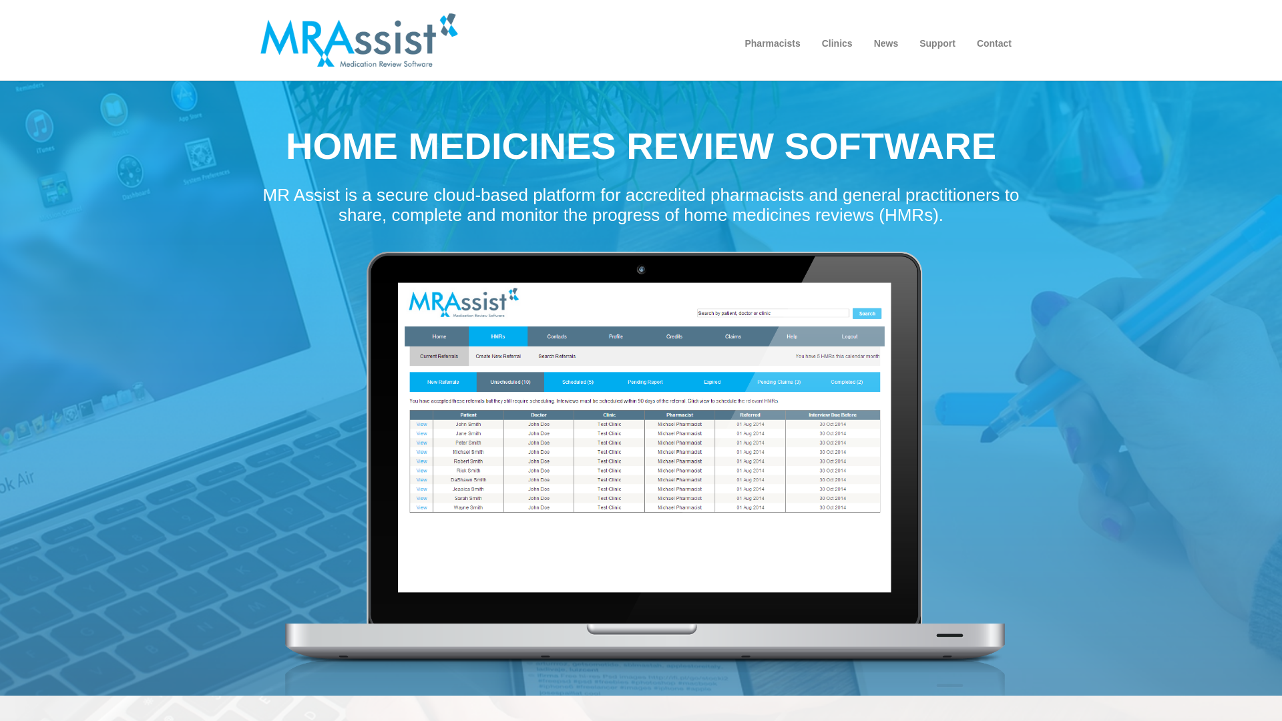 The width and height of the screenshot is (1282, 721). What do you see at coordinates (836, 43) in the screenshot?
I see `'Clinics'` at bounding box center [836, 43].